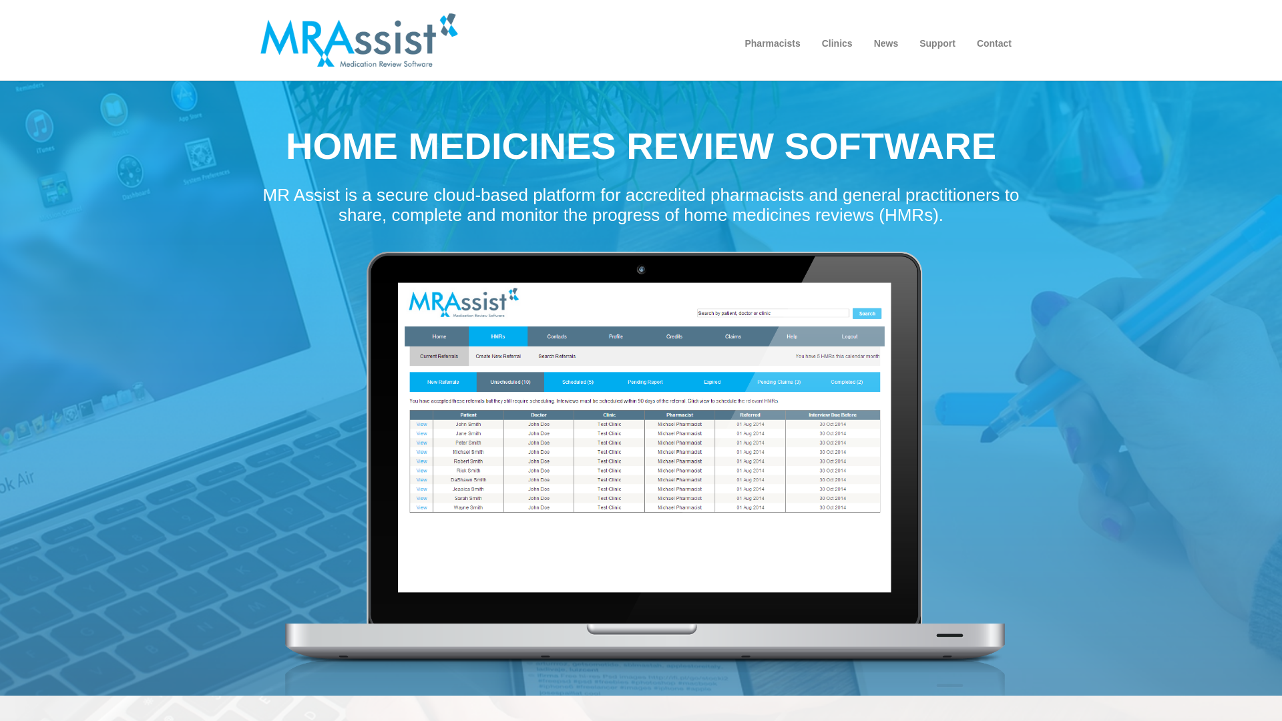 The width and height of the screenshot is (1282, 721). What do you see at coordinates (836, 43) in the screenshot?
I see `'Clinics'` at bounding box center [836, 43].